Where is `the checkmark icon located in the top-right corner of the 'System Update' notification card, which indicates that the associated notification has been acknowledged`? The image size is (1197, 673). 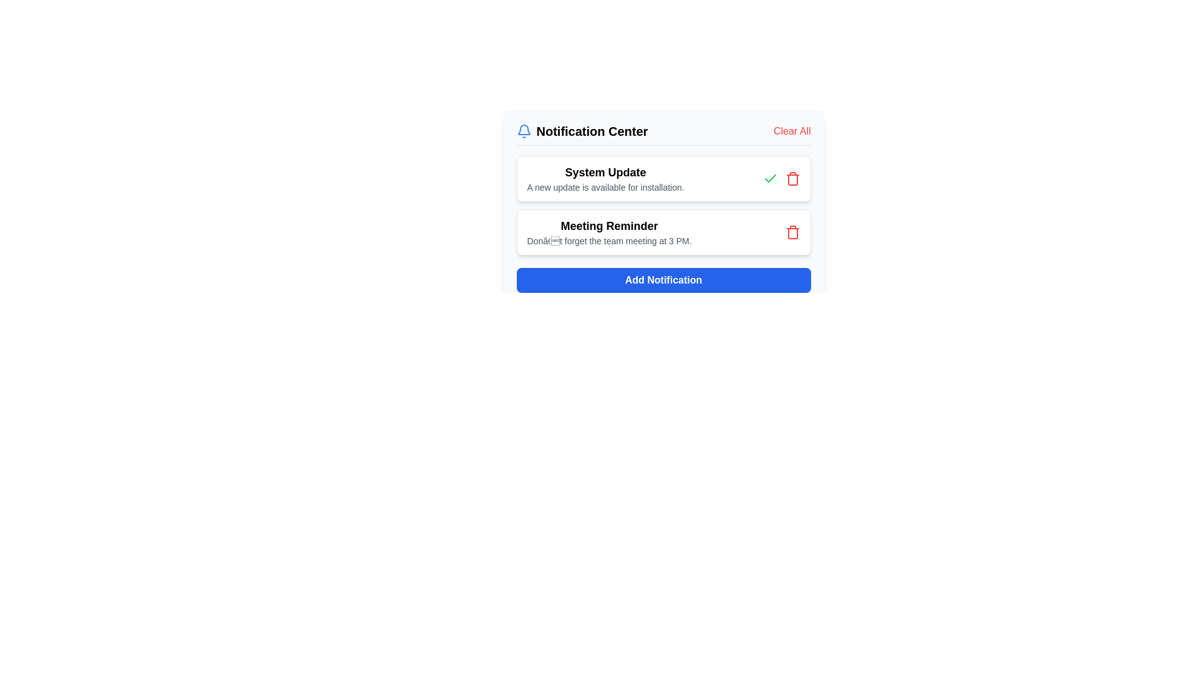 the checkmark icon located in the top-right corner of the 'System Update' notification card, which indicates that the associated notification has been acknowledged is located at coordinates (769, 178).